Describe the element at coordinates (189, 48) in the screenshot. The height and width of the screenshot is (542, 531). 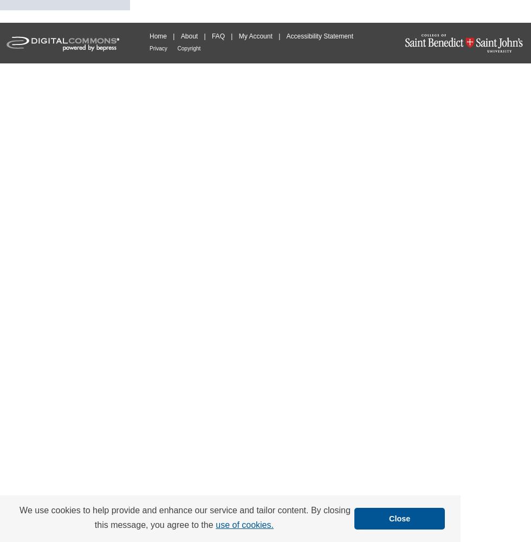
I see `'Copyright'` at that location.